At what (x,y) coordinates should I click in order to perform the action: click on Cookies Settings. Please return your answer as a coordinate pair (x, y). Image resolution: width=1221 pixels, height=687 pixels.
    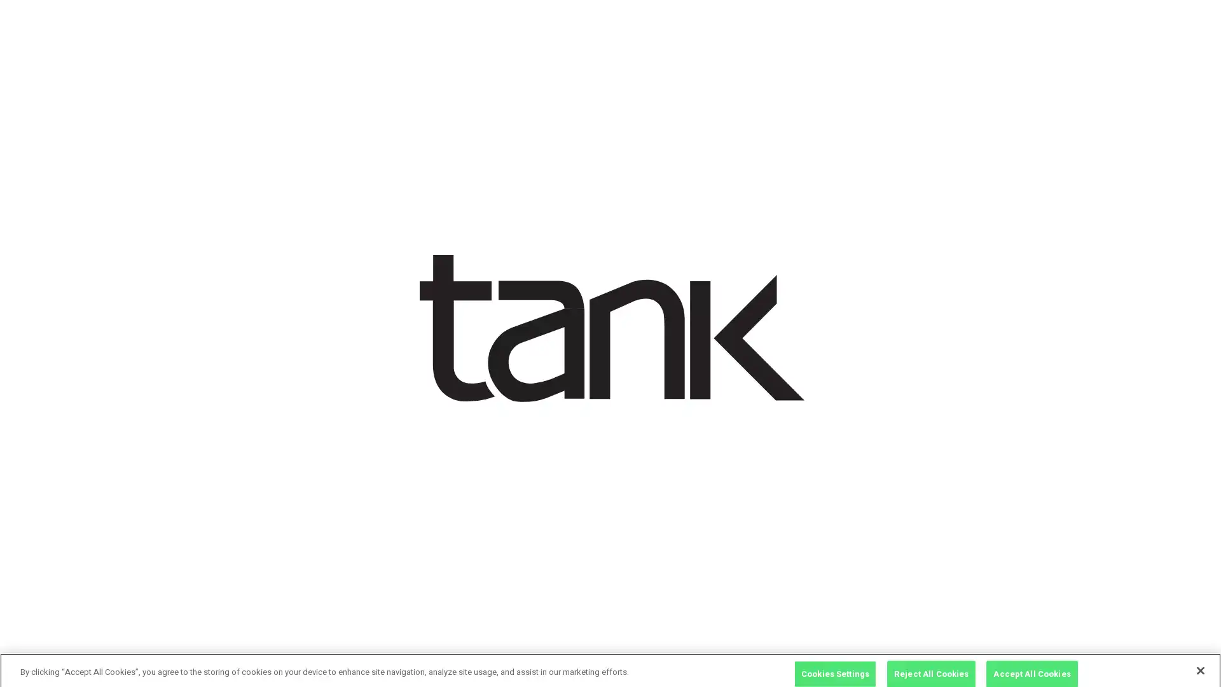
    Looking at the image, I should click on (835, 667).